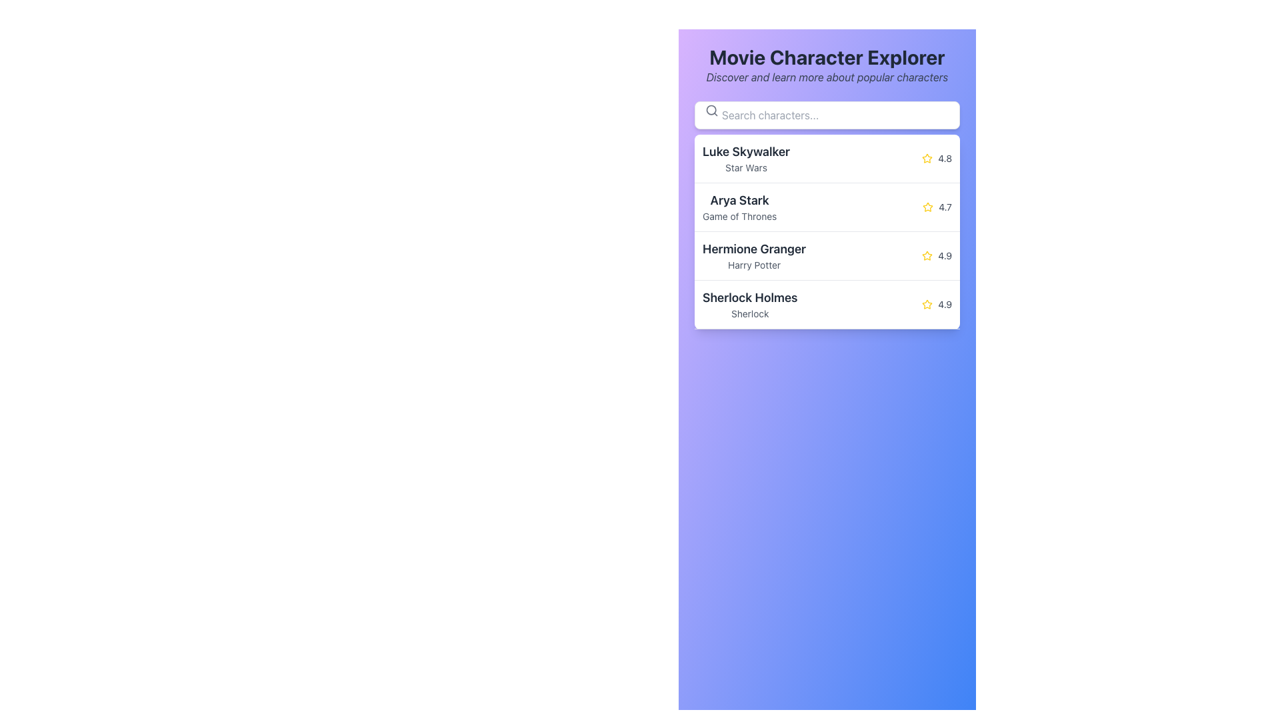 Image resolution: width=1280 pixels, height=720 pixels. I want to click on the circular outline of the search icon located to the left of the placeholder text 'Search characters...' in the input field, so click(711, 109).